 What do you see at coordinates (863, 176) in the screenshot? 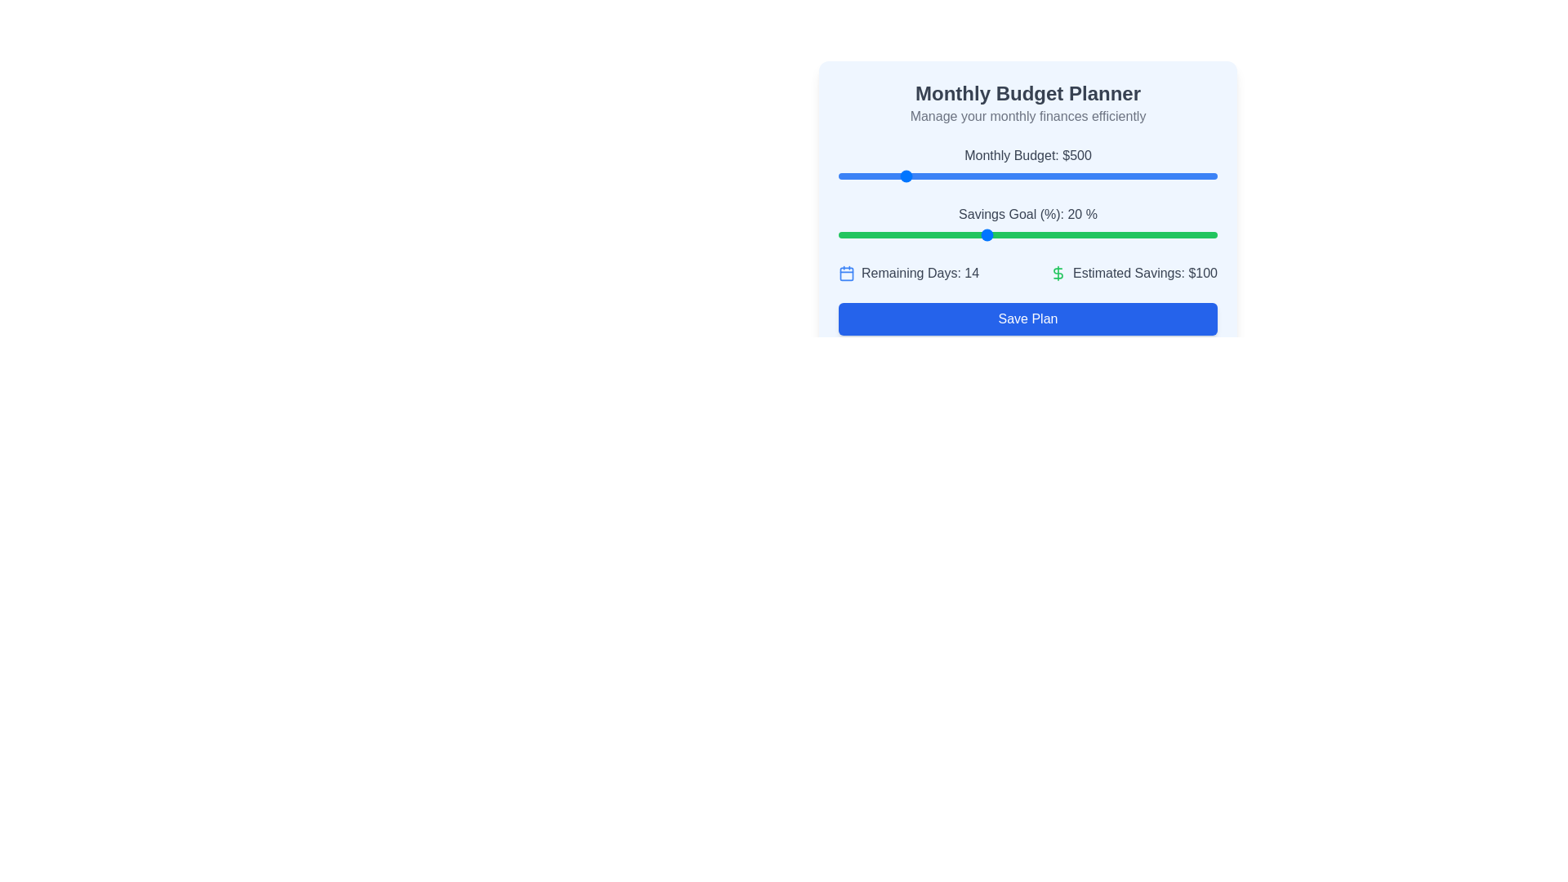
I see `the budget` at bounding box center [863, 176].